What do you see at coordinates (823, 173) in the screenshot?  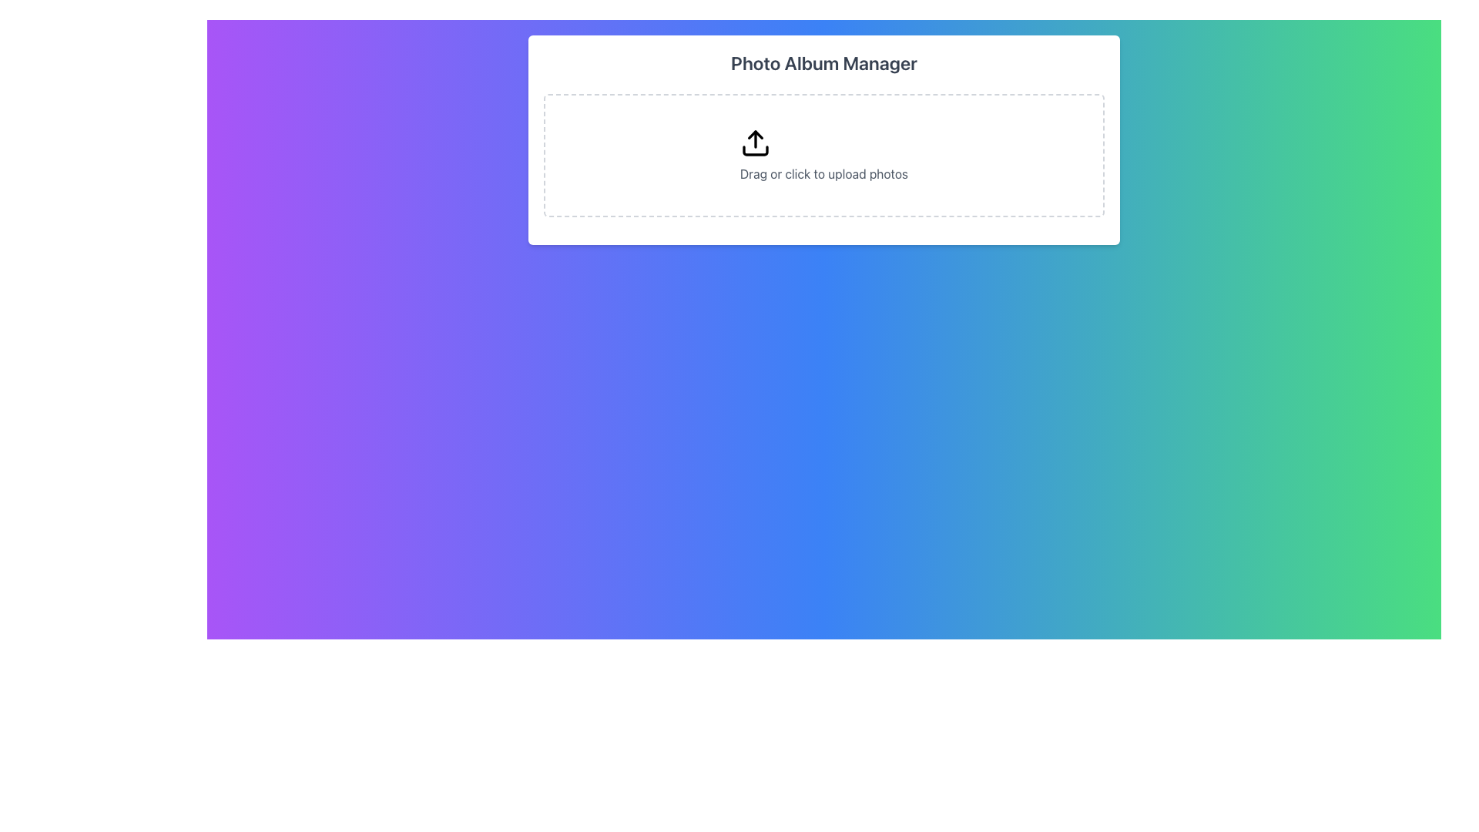 I see `the informational text that reads 'Drag or click to upload photos', which is displayed in a medium-sized gray font, located below the upload icon in a bordered rectangular area` at bounding box center [823, 173].